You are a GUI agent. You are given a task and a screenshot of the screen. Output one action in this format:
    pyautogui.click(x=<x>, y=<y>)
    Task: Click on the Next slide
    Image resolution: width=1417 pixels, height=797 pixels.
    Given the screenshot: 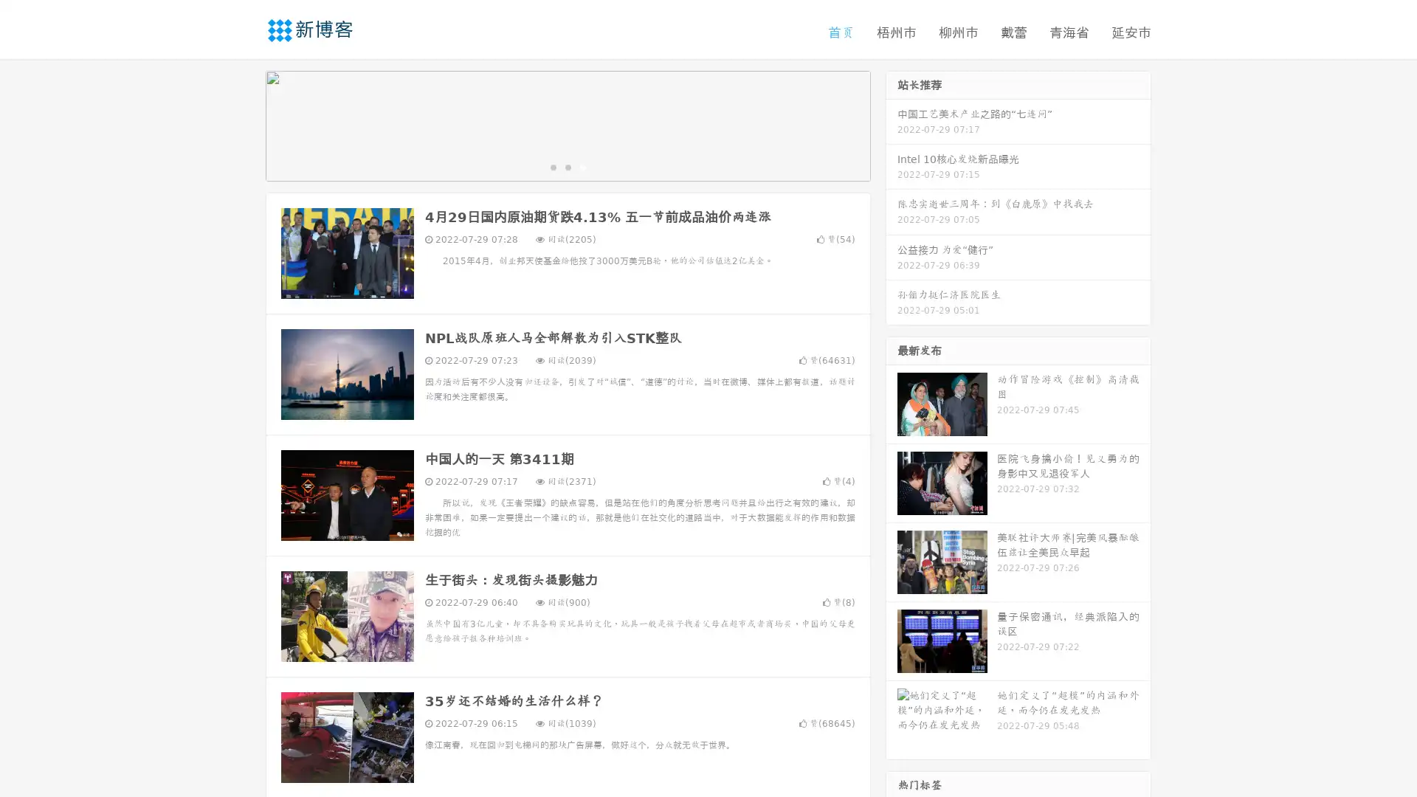 What is the action you would take?
    pyautogui.click(x=892, y=124)
    